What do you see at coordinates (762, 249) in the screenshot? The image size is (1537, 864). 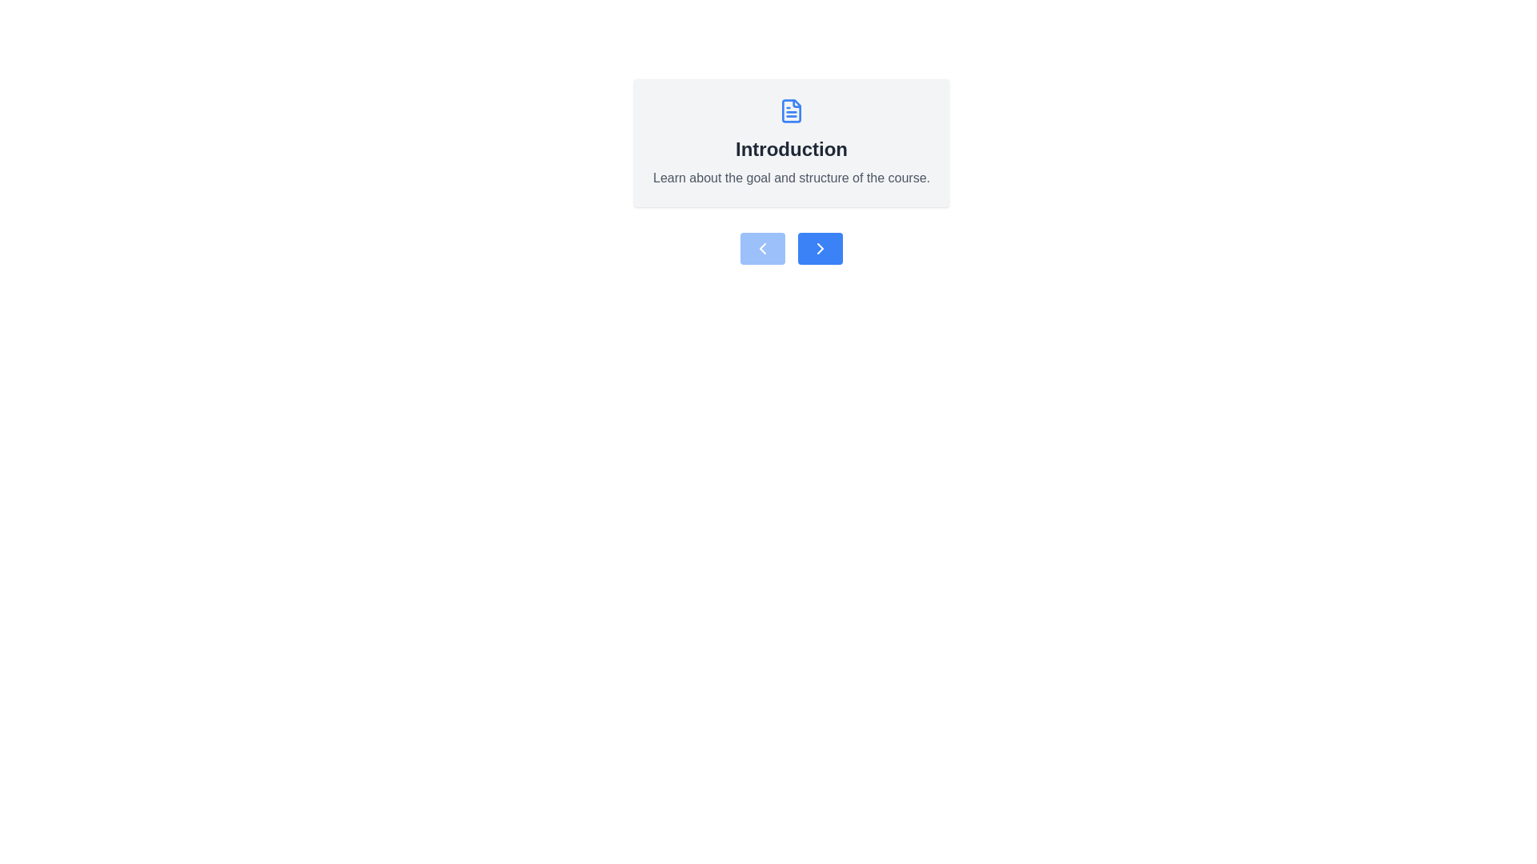 I see `the navigation button located to the left of the similar button in the small horizontal group, positioned below the 'Introduction' informational card` at bounding box center [762, 249].